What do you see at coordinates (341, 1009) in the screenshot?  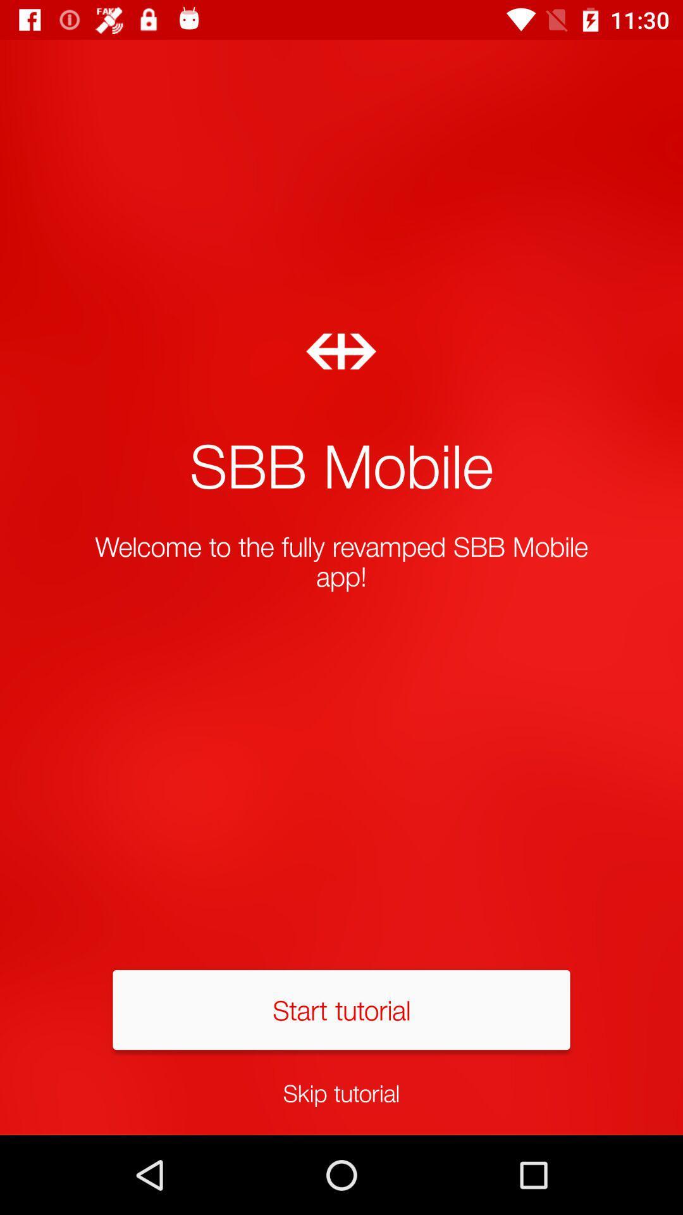 I see `the item below welcome to the icon` at bounding box center [341, 1009].